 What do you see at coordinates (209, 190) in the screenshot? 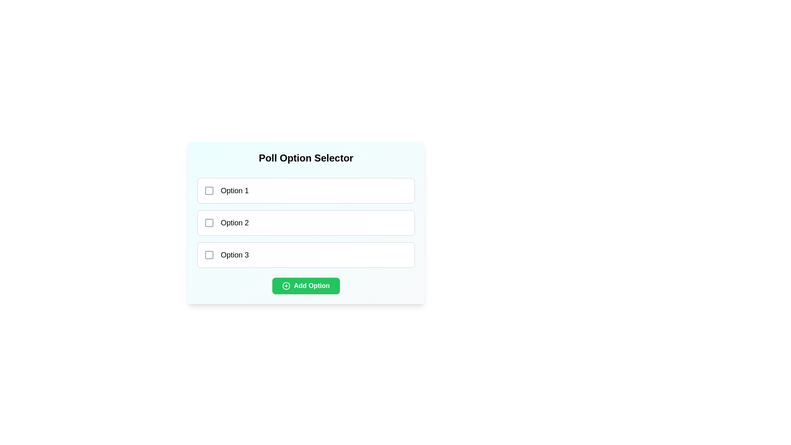
I see `the checkbox corresponding to Option 1 to select it` at bounding box center [209, 190].